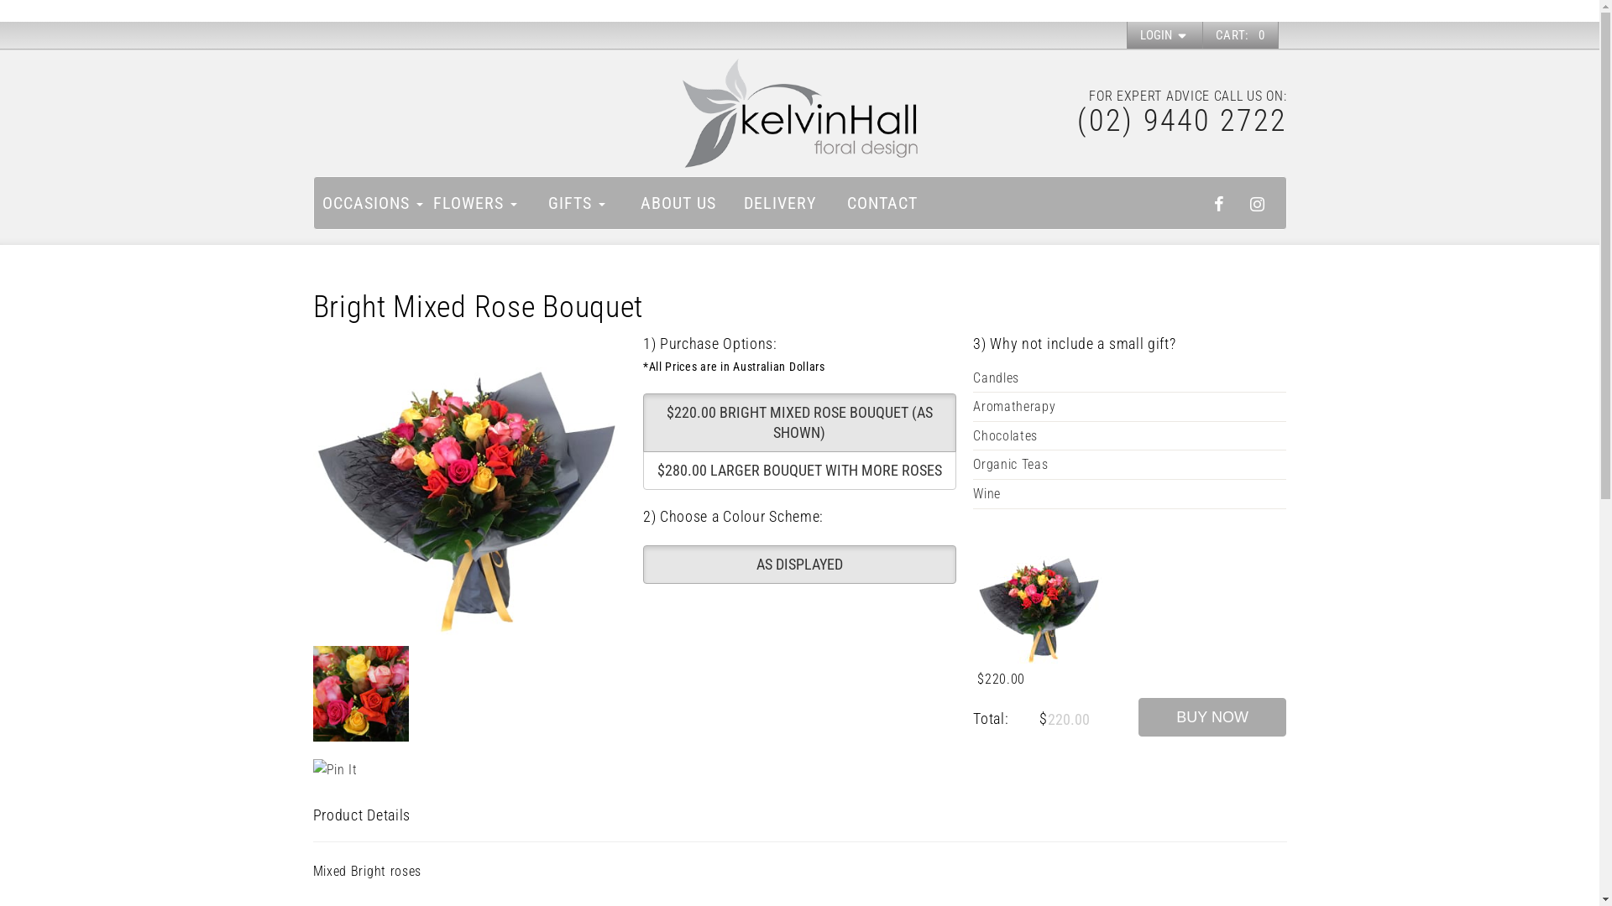 The image size is (1612, 906). What do you see at coordinates (1129, 407) in the screenshot?
I see `'Aromatherapy'` at bounding box center [1129, 407].